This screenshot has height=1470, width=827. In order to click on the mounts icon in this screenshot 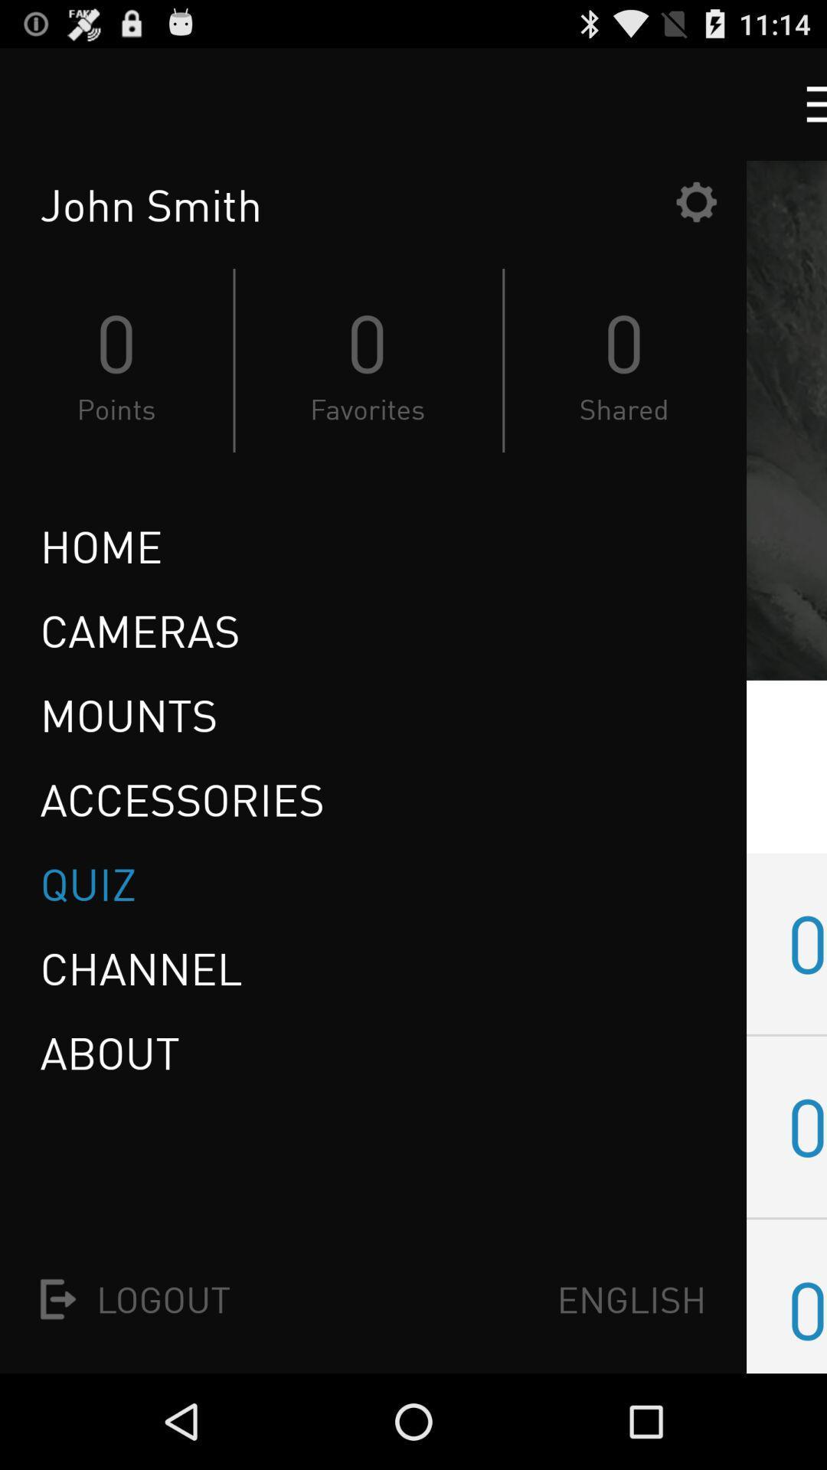, I will do `click(128, 714)`.